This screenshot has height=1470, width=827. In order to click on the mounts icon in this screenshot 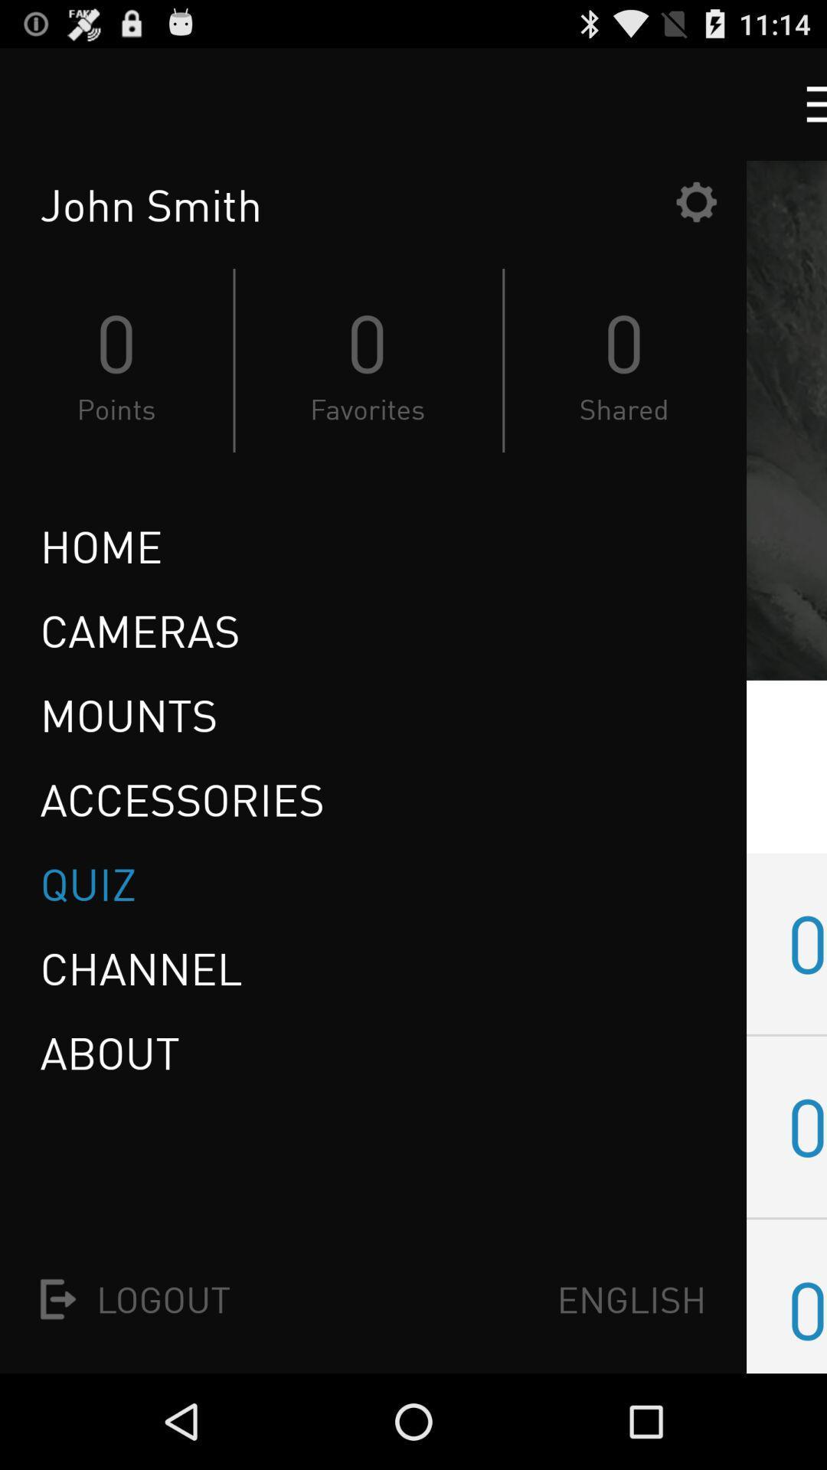, I will do `click(128, 714)`.